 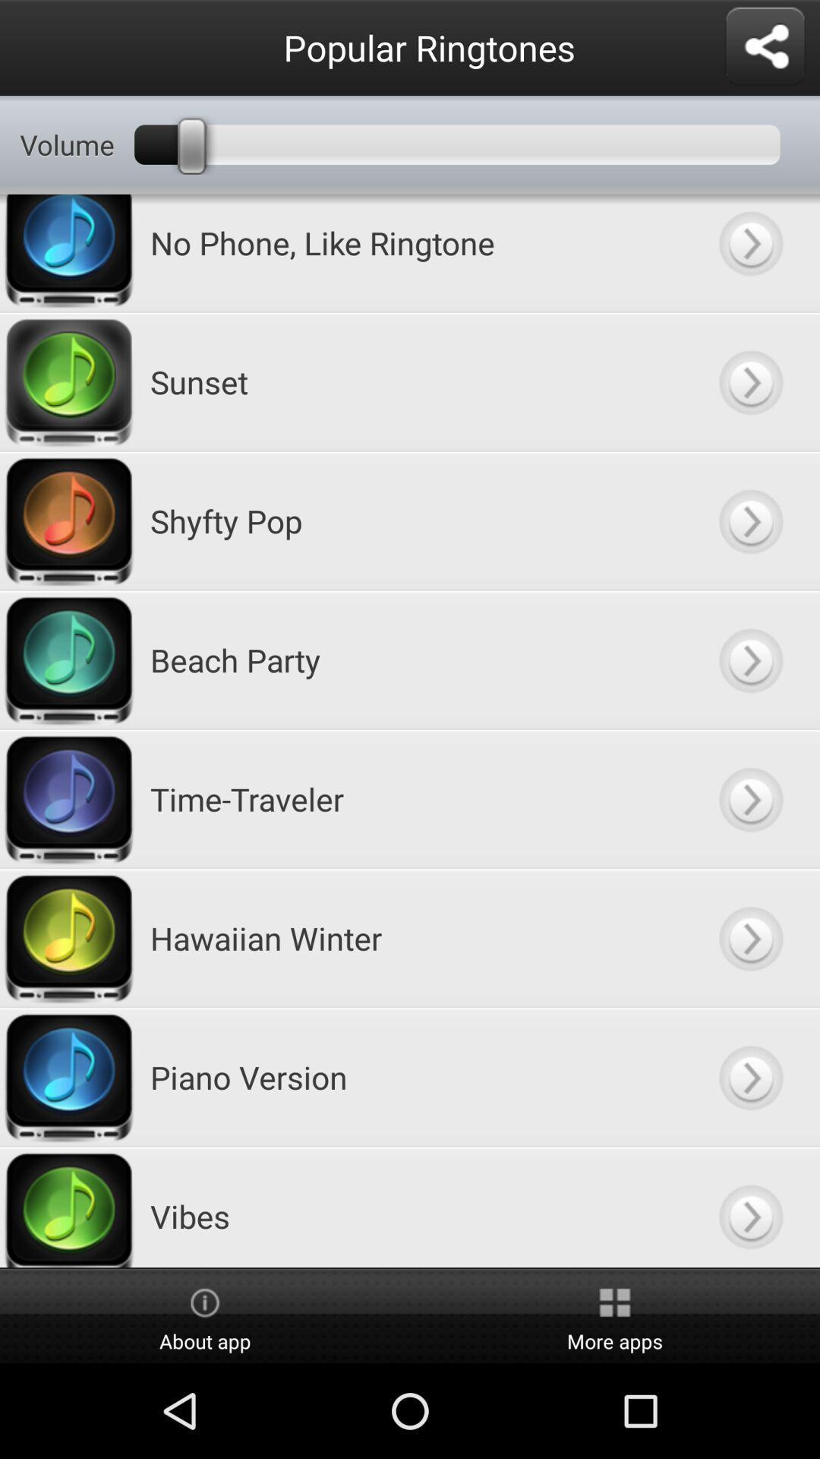 I want to click on play, so click(x=749, y=798).